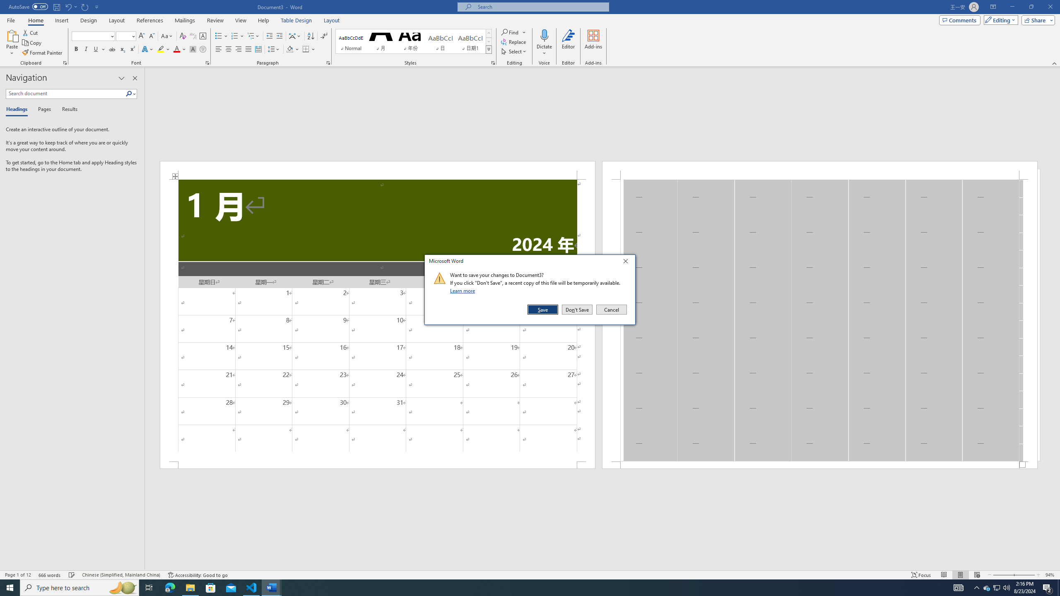  I want to click on 'Undo Apply Quick Style', so click(70, 6).